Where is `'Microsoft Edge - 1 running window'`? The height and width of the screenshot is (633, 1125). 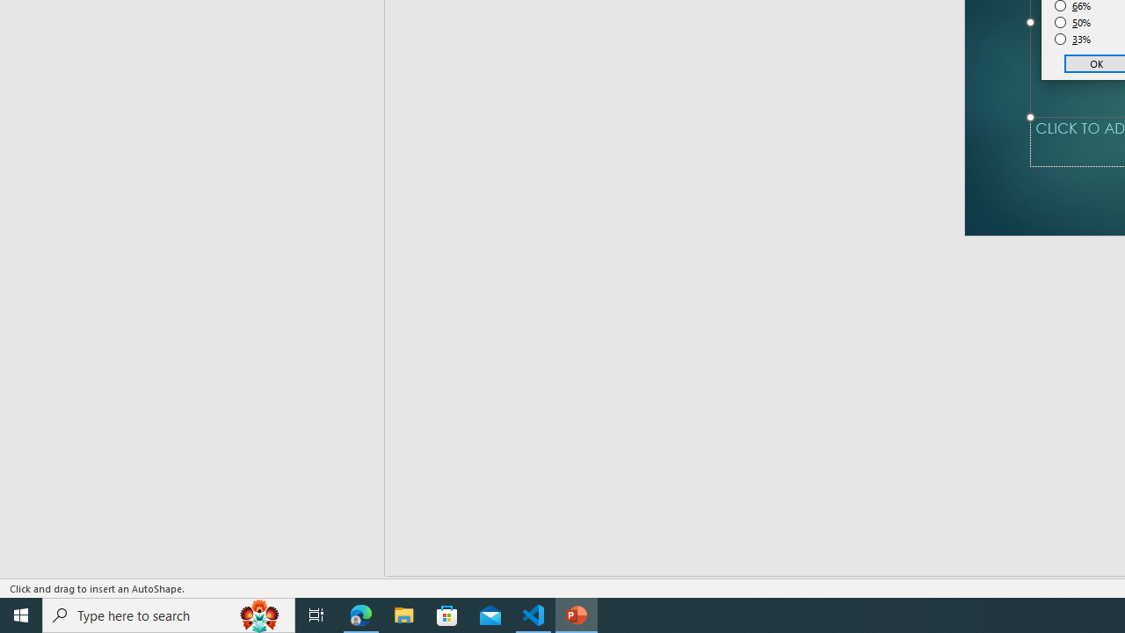 'Microsoft Edge - 1 running window' is located at coordinates (360, 614).